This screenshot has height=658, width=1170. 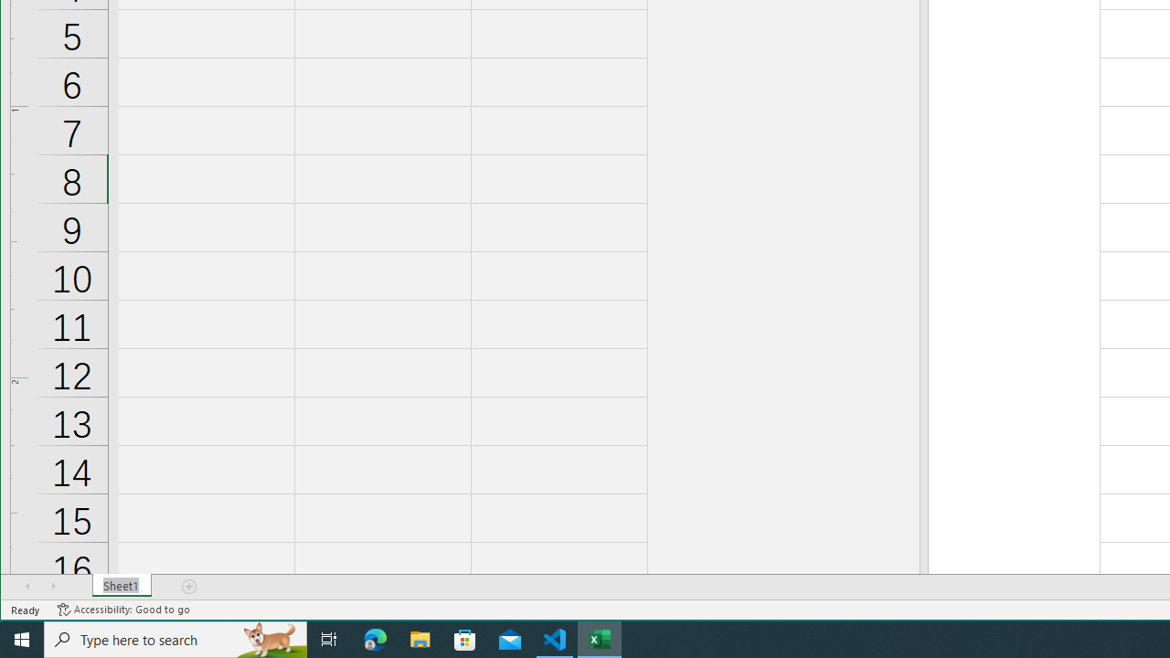 I want to click on 'Add Sheet', so click(x=190, y=586).